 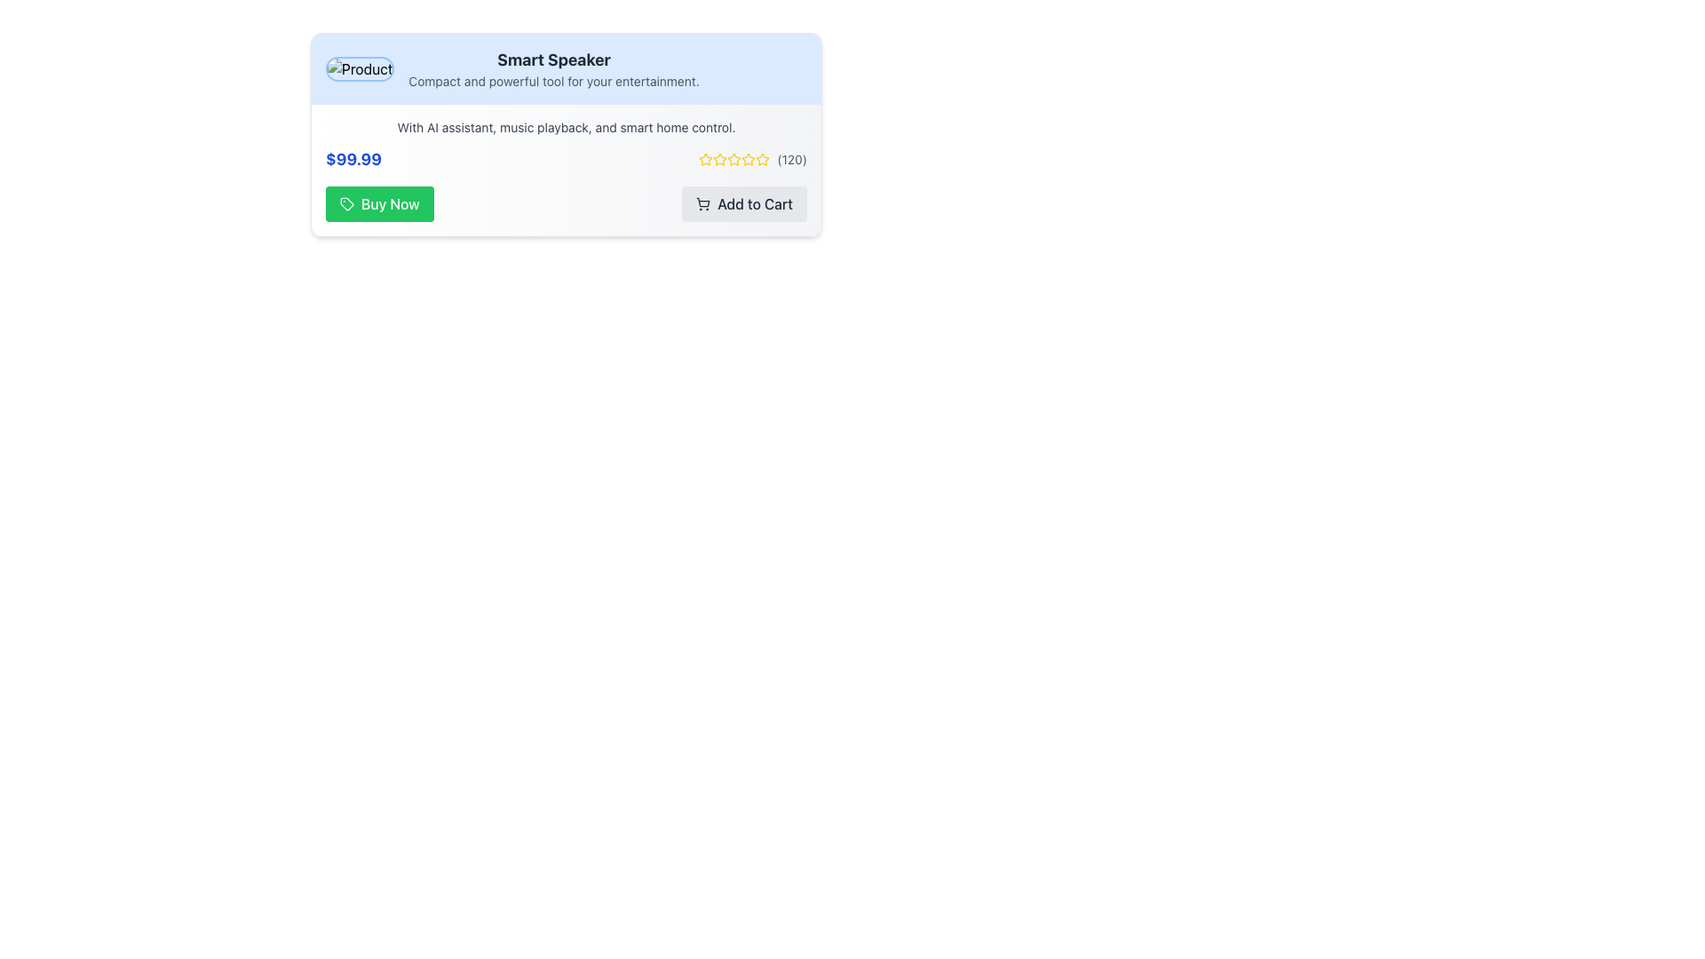 I want to click on numeric value displayed in parentheses next to the row of five yellow star icons indicating ratings, so click(x=791, y=160).